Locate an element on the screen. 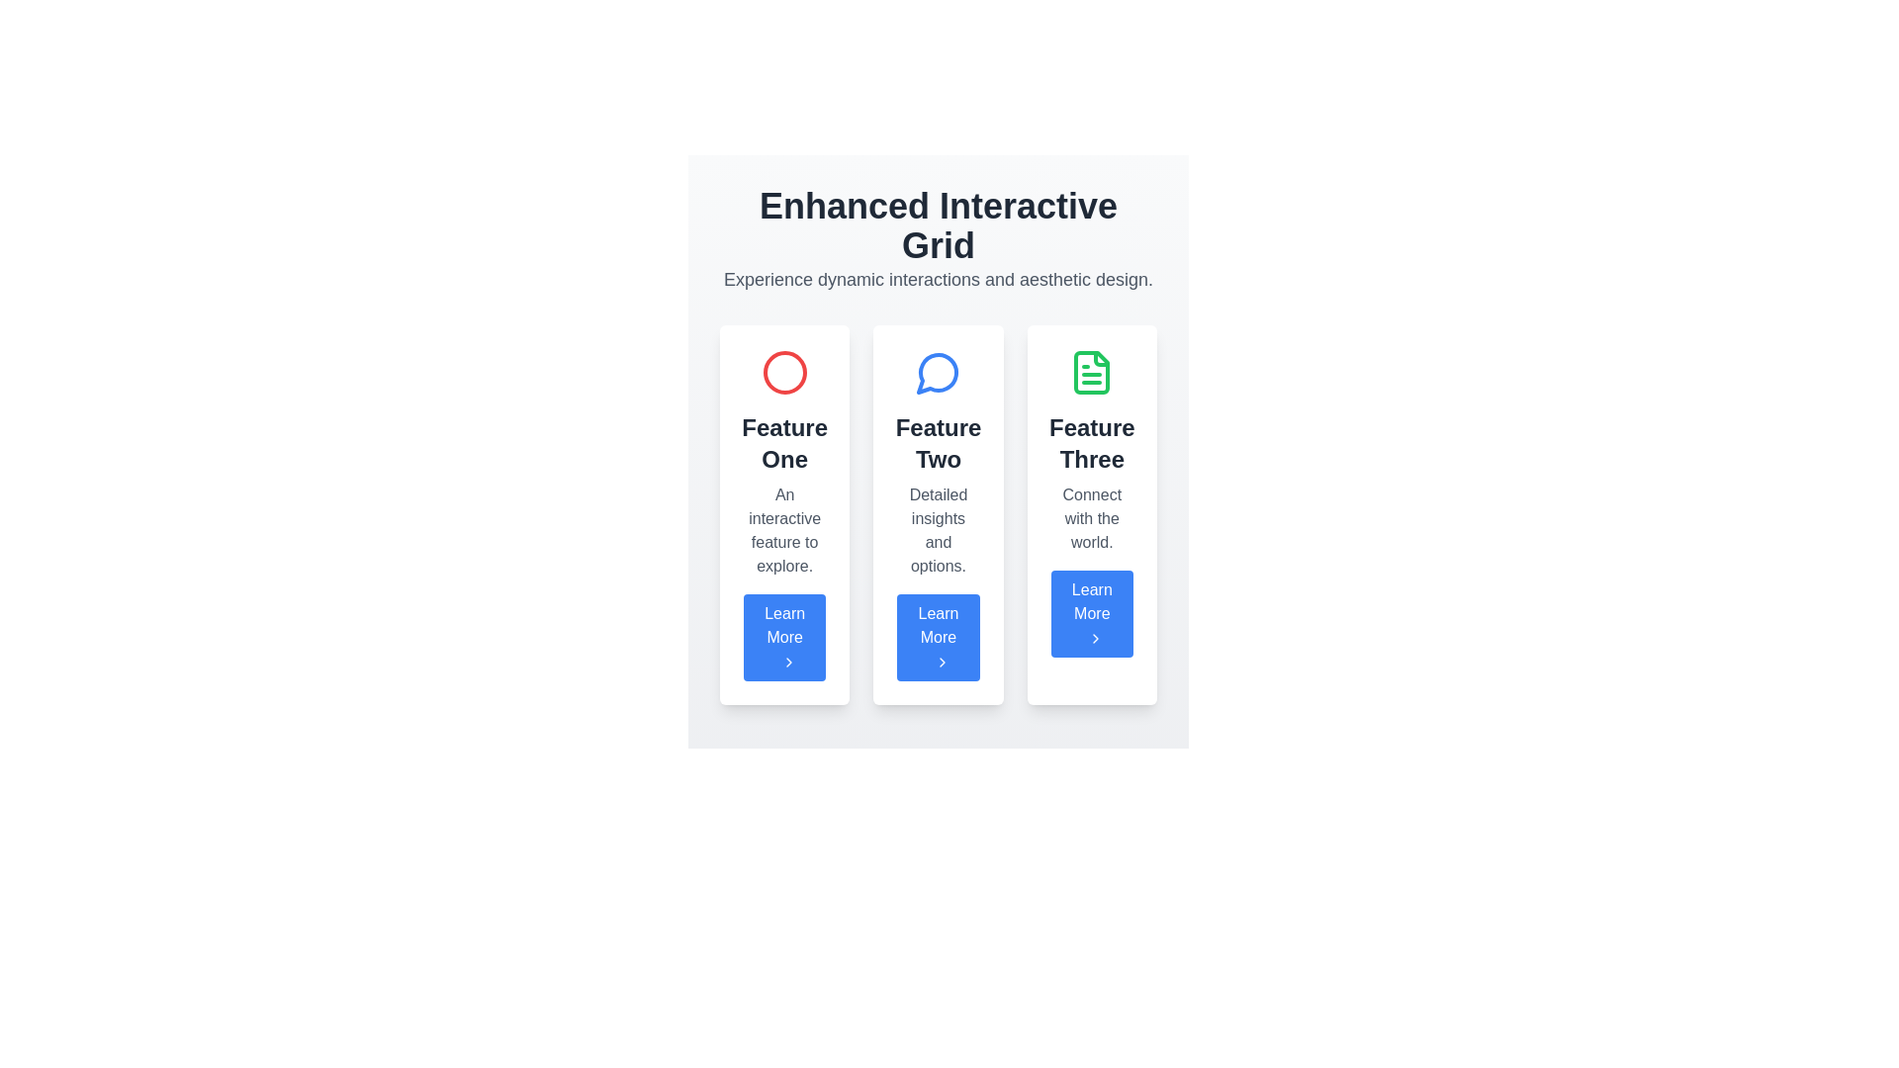 The width and height of the screenshot is (1899, 1068). the 'Learn More' button, which is a rectangular button with rounded corners, blue background, and white text located under 'Feature One' is located at coordinates (783, 637).